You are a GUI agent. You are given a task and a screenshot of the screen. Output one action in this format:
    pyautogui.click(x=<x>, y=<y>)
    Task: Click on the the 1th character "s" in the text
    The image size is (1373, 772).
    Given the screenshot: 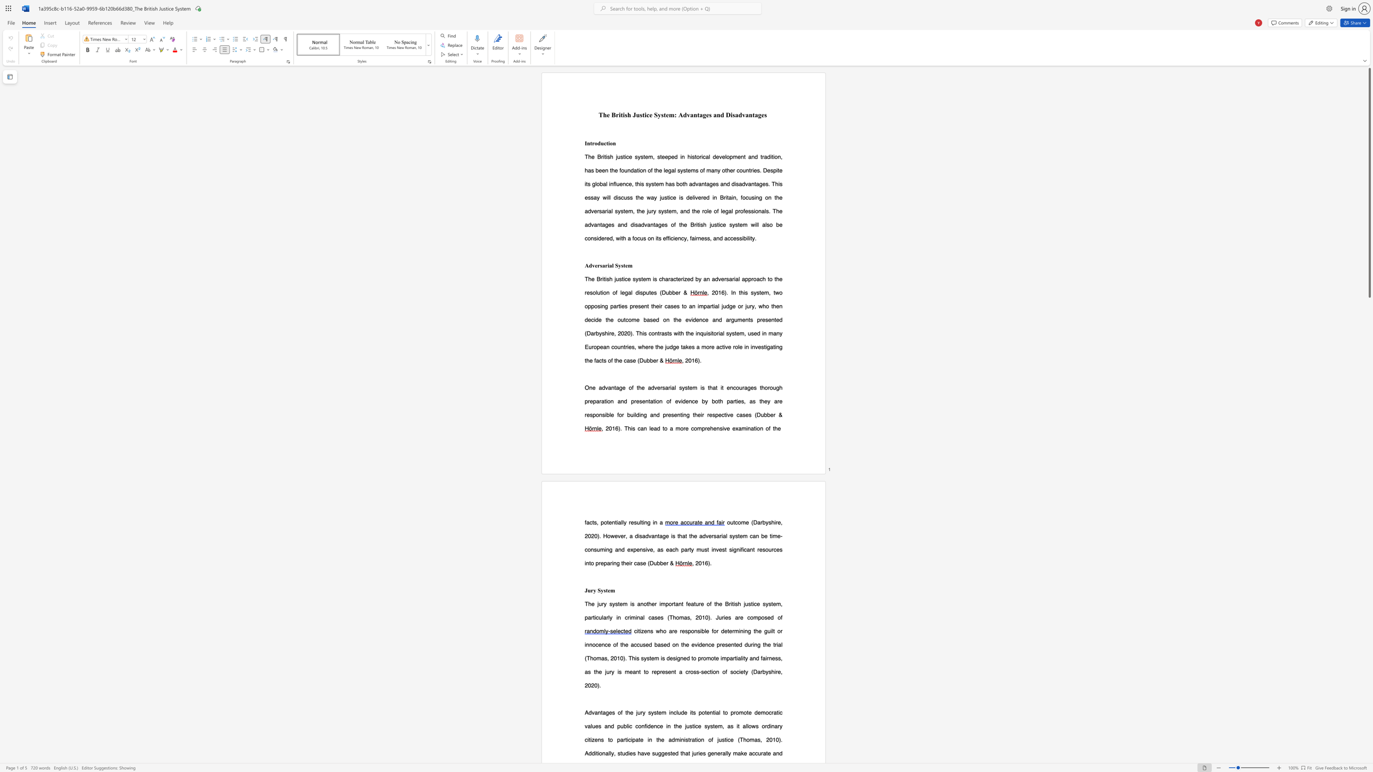 What is the action you would take?
    pyautogui.click(x=601, y=265)
    